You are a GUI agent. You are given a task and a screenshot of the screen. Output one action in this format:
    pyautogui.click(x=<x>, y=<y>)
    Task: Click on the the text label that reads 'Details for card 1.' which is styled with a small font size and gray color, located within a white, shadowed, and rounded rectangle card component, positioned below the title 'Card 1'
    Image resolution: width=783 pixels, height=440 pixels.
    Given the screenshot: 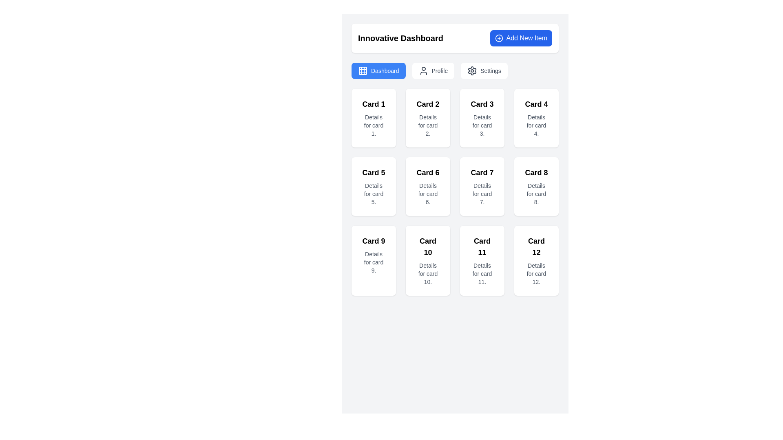 What is the action you would take?
    pyautogui.click(x=373, y=125)
    